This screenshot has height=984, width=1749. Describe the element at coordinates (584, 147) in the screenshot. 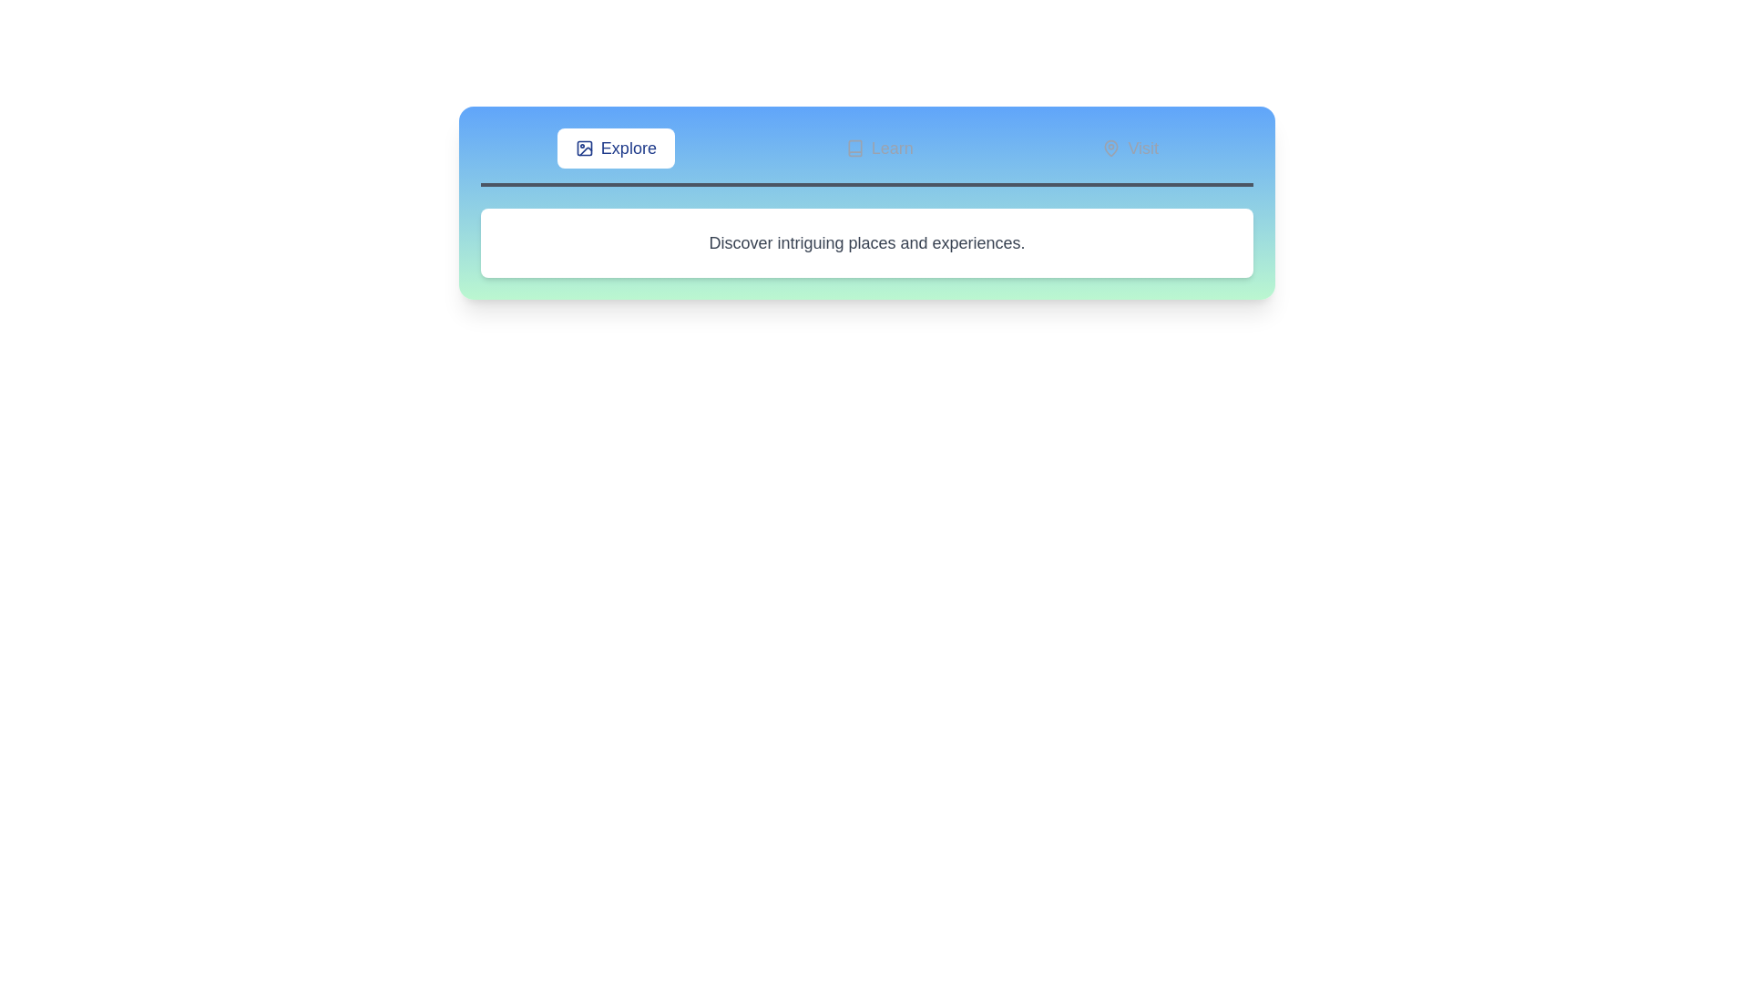

I see `the graphical icon which is a rectangular icon with rounded corners located within the 'Explore' button in the navigation bar` at that location.